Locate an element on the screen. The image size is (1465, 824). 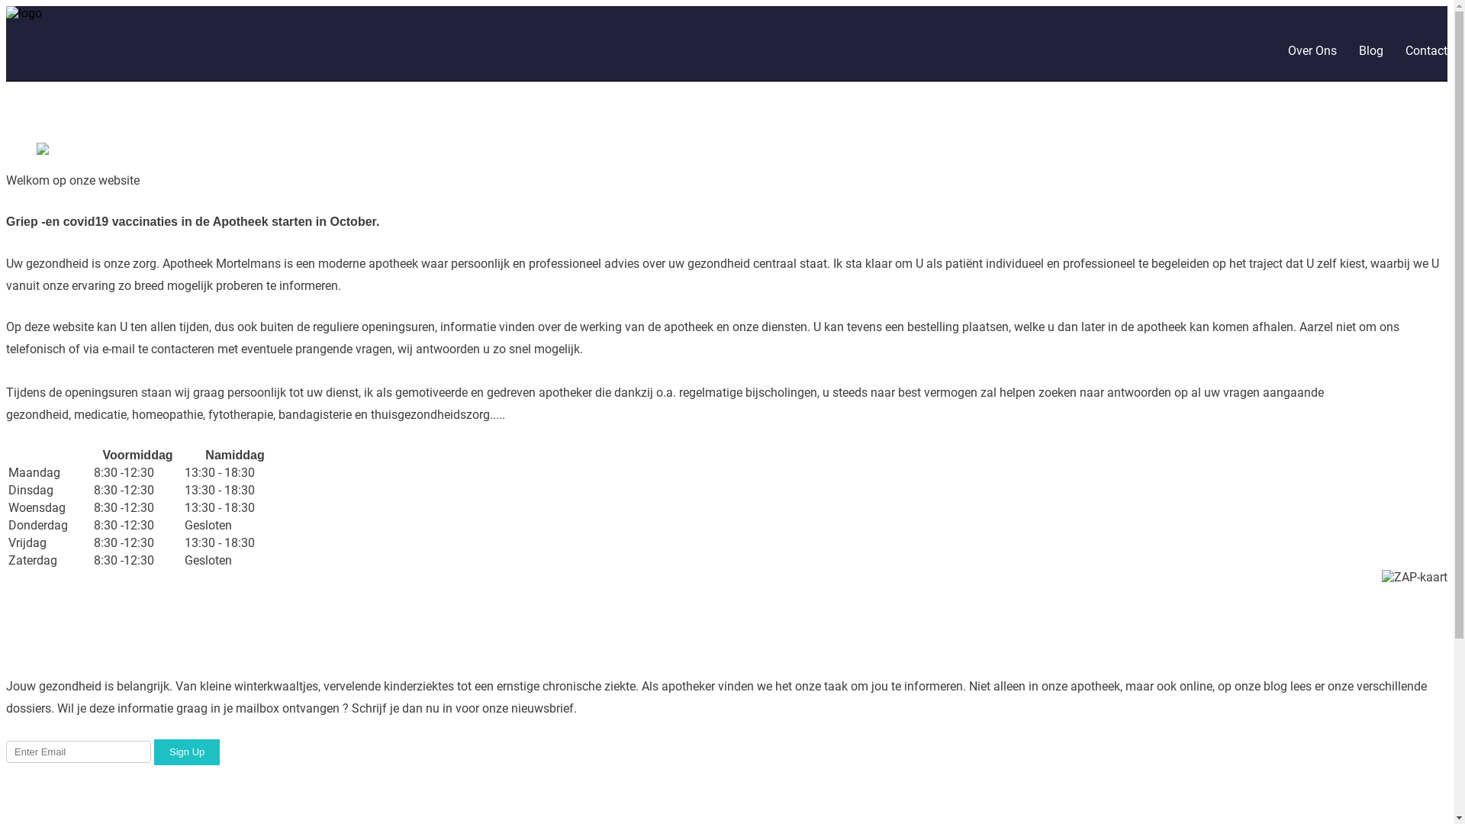
'Blog' is located at coordinates (1370, 50).